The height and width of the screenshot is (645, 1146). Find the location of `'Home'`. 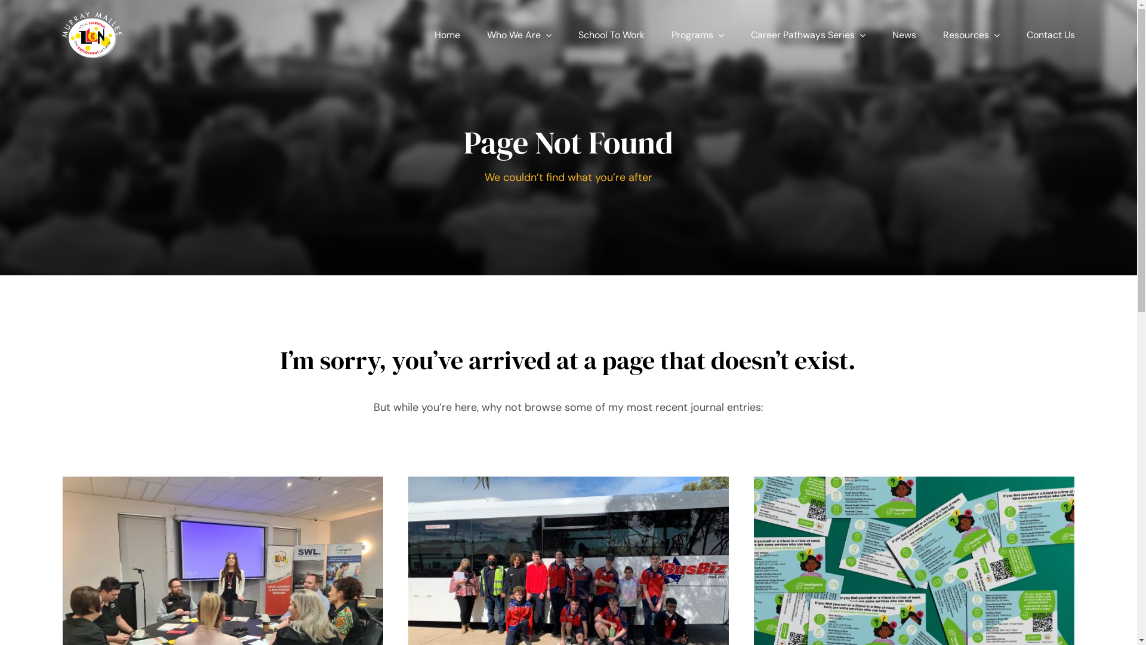

'Home' is located at coordinates (446, 27).